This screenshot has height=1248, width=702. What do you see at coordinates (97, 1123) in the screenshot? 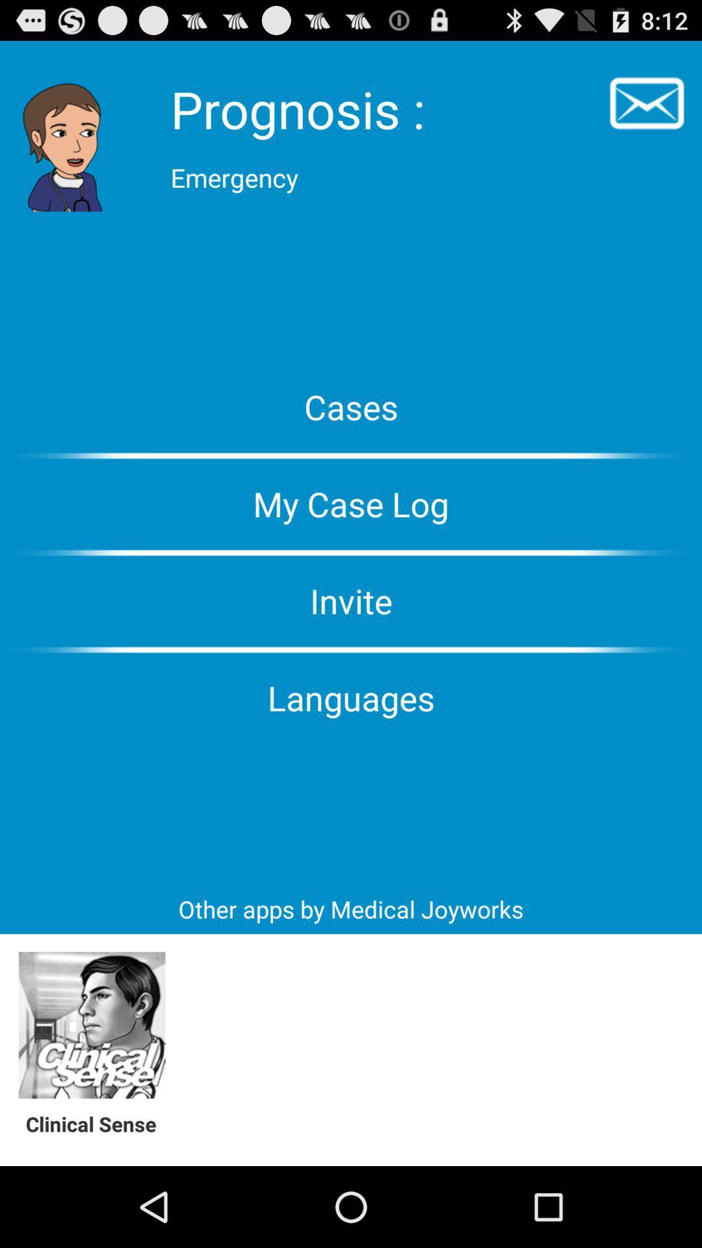
I see `the clinical sense app` at bounding box center [97, 1123].